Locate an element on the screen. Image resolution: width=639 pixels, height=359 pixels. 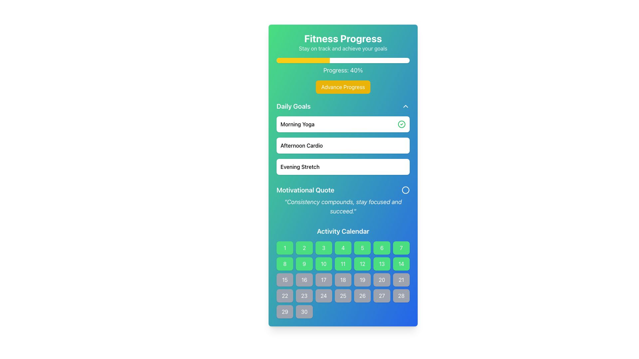
the motivational quote text element located beneath the 'Motivational Quote' label in the 'Daily Goals' section is located at coordinates (343, 206).